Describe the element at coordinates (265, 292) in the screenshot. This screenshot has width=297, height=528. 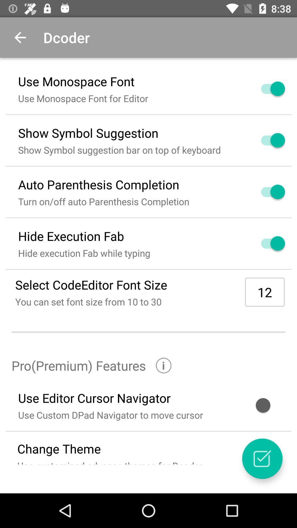
I see `the icon next to the select codeeditor font icon` at that location.